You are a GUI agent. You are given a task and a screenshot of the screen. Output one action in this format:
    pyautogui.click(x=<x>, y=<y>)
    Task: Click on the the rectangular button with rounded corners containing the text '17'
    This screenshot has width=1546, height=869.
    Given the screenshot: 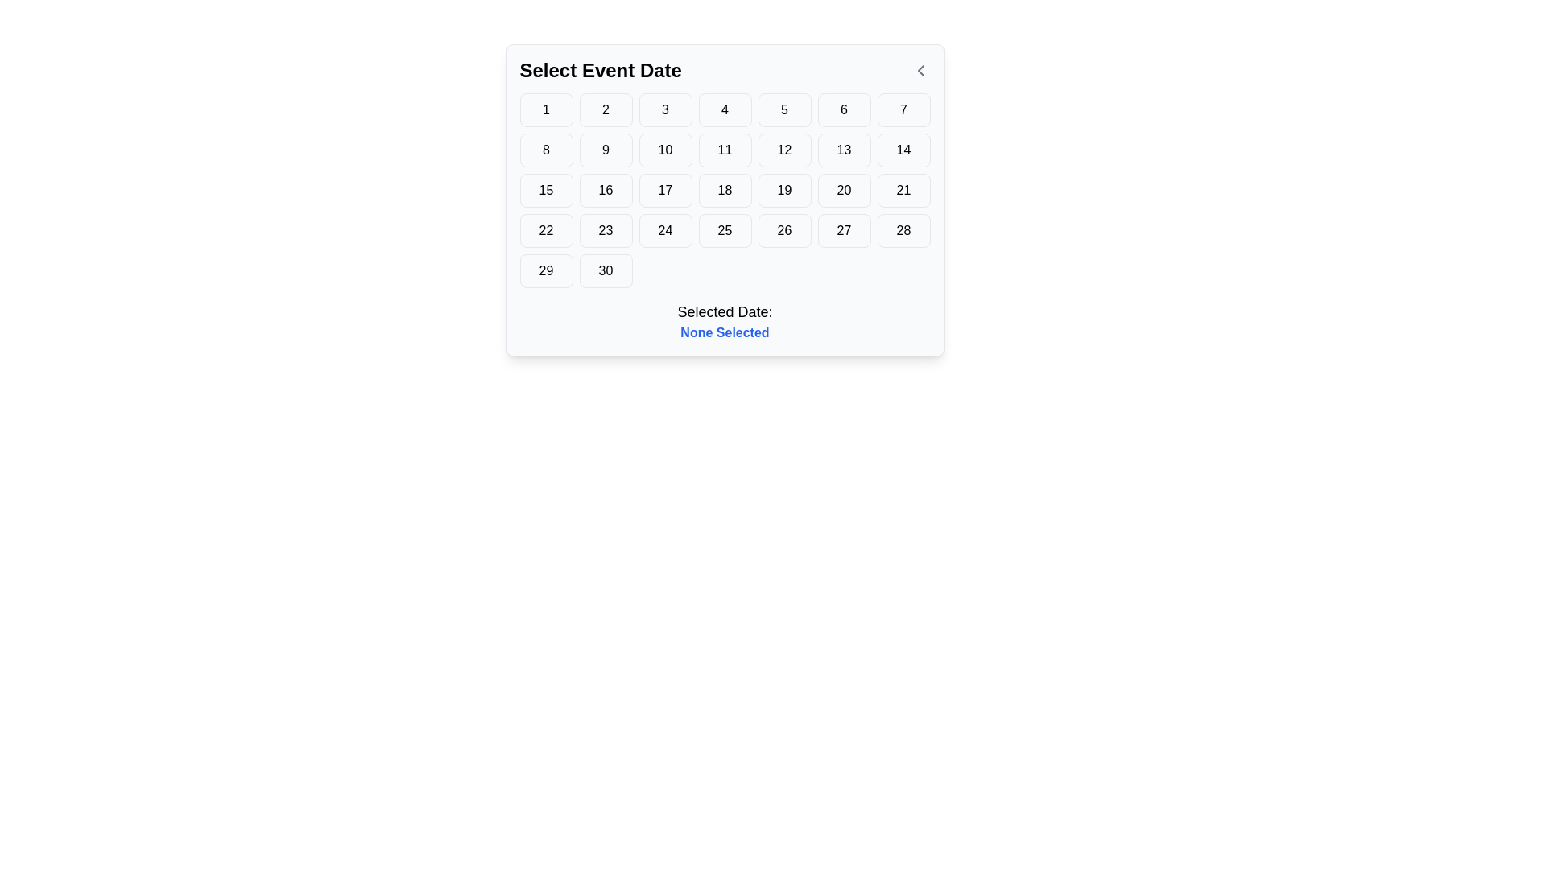 What is the action you would take?
    pyautogui.click(x=665, y=189)
    